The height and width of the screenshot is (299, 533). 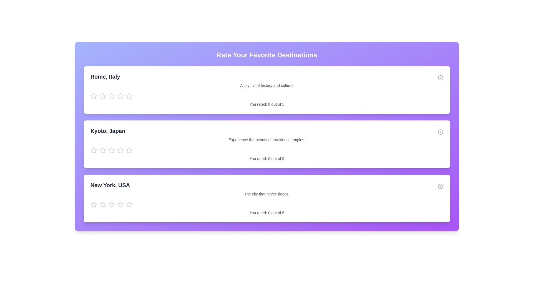 What do you see at coordinates (267, 159) in the screenshot?
I see `the text label that provides feedback about the current rating for the item, located in the second card below the rating stars` at bounding box center [267, 159].